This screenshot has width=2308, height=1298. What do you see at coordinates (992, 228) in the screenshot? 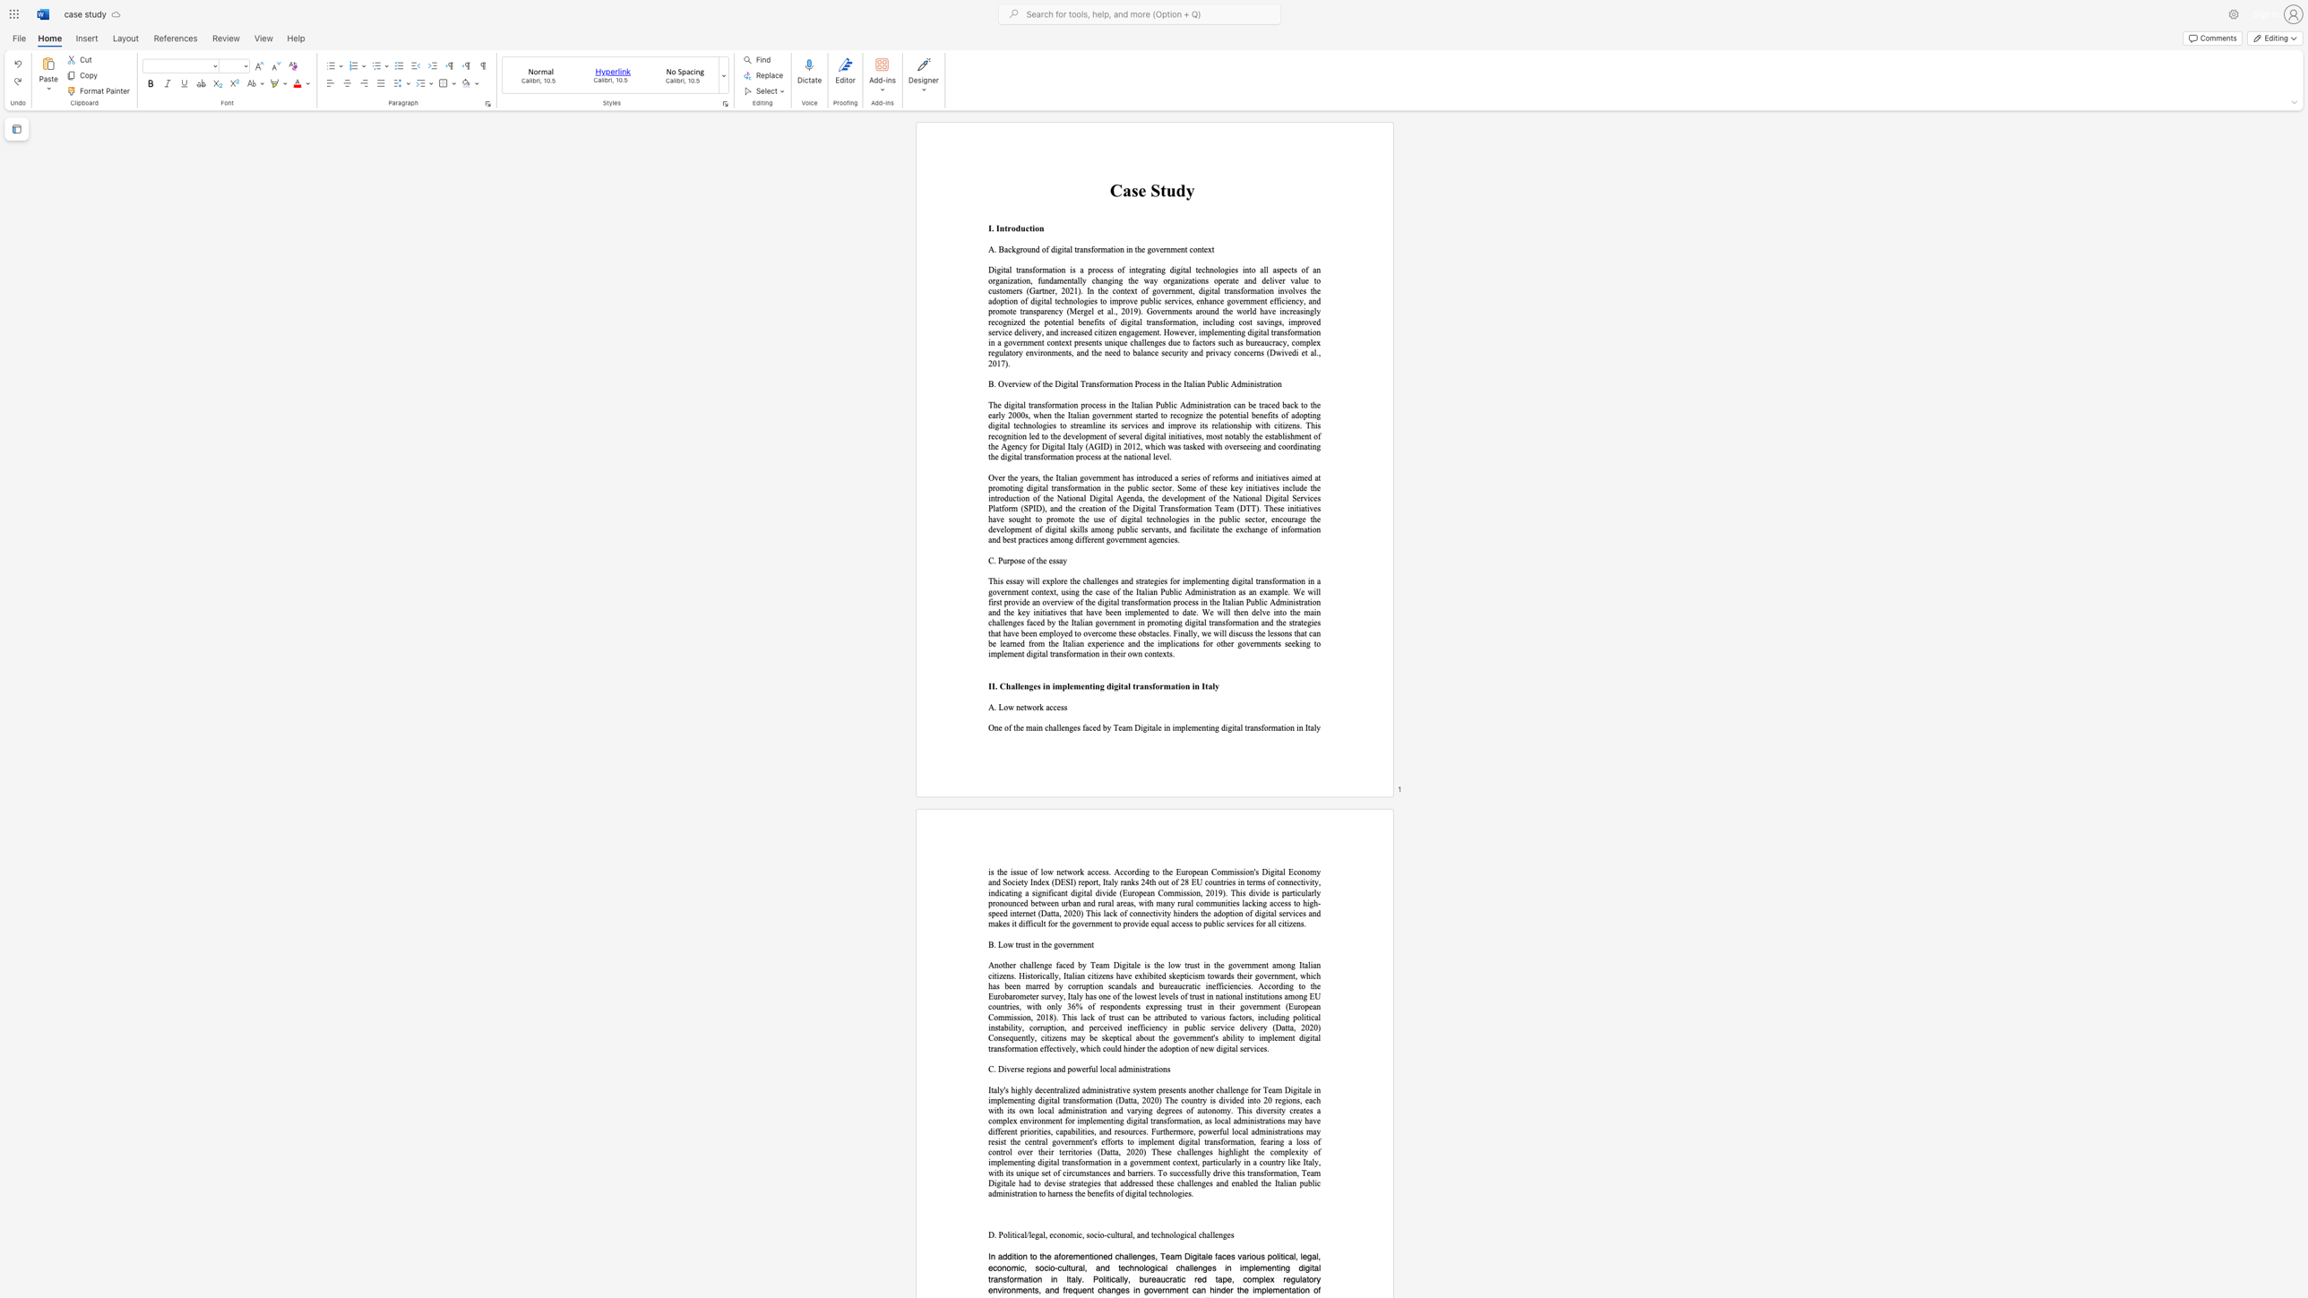
I see `the 1th character "." in the text` at bounding box center [992, 228].